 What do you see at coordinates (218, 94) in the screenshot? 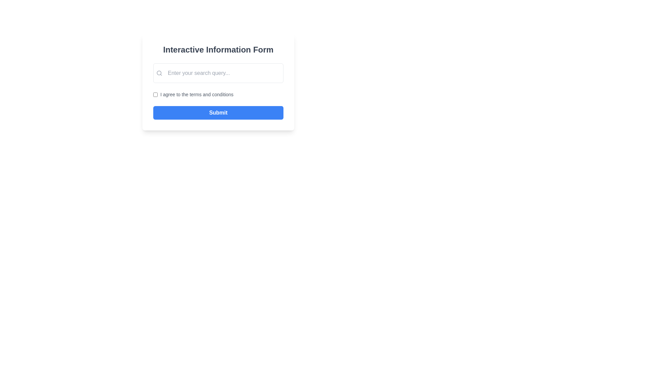
I see `the label text 'I agree to the terms and conditions' of the checkbox element positioned below the search bar and above the blue 'Submit' button` at bounding box center [218, 94].